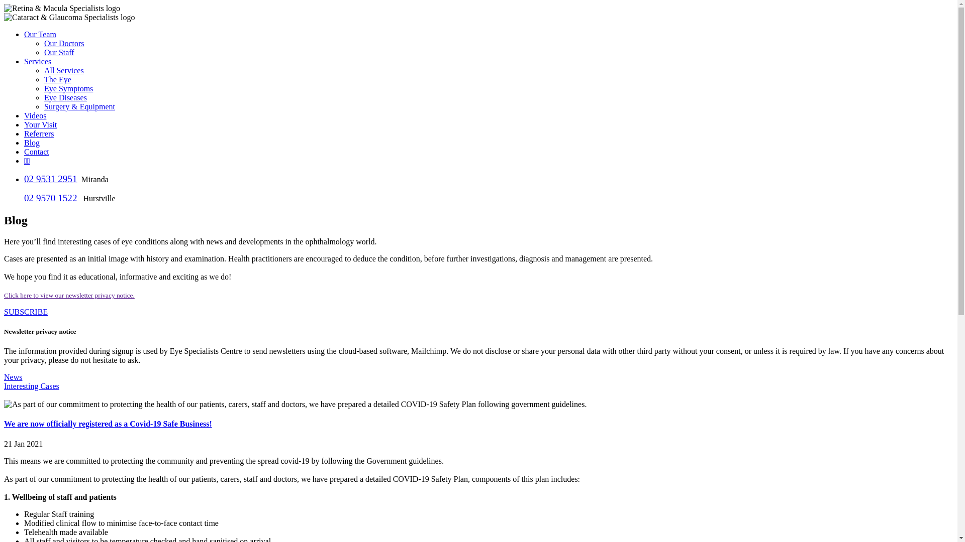 The image size is (965, 542). Describe the element at coordinates (39, 133) in the screenshot. I see `'Referrers'` at that location.